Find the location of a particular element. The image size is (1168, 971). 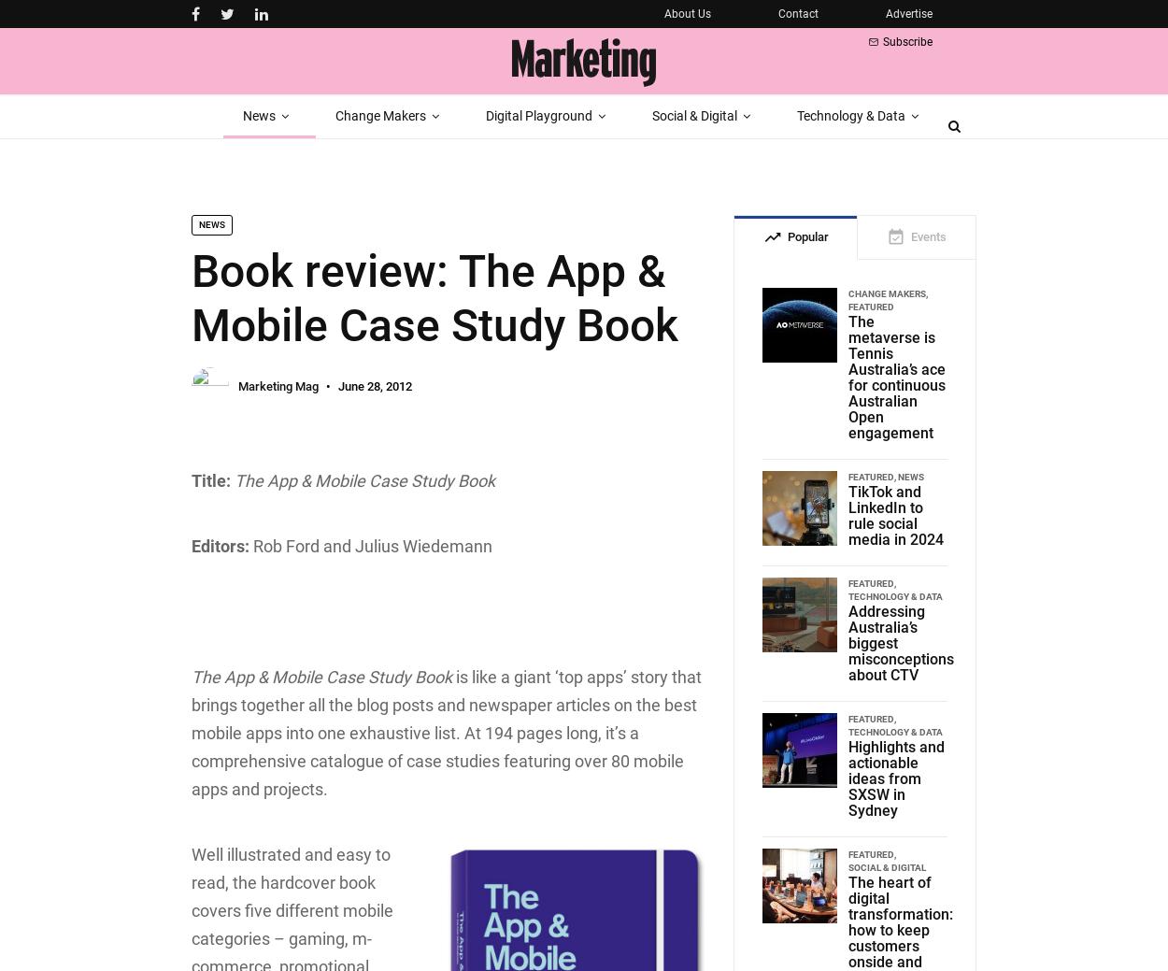

'Change Makers' is located at coordinates (885, 293).